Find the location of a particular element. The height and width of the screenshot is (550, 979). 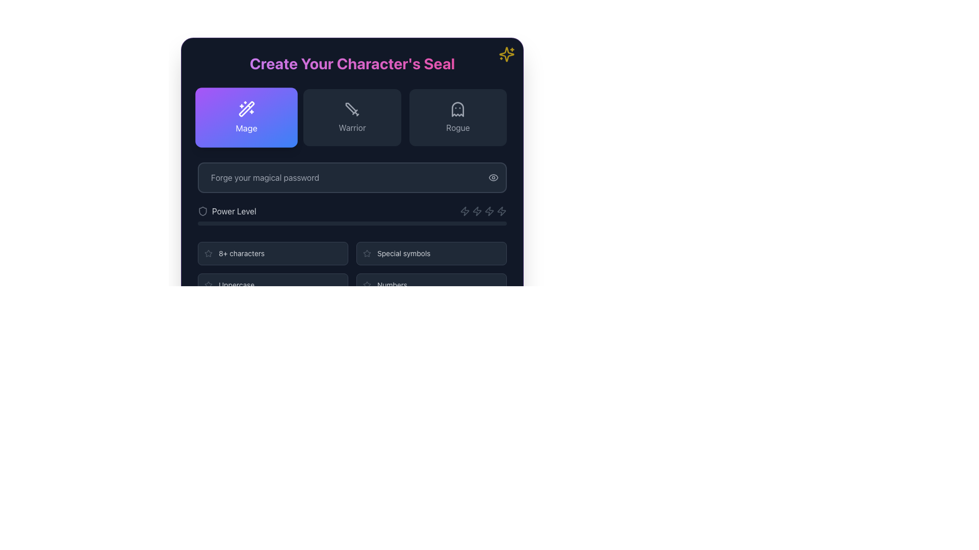

the progress bar is located at coordinates (463, 223).